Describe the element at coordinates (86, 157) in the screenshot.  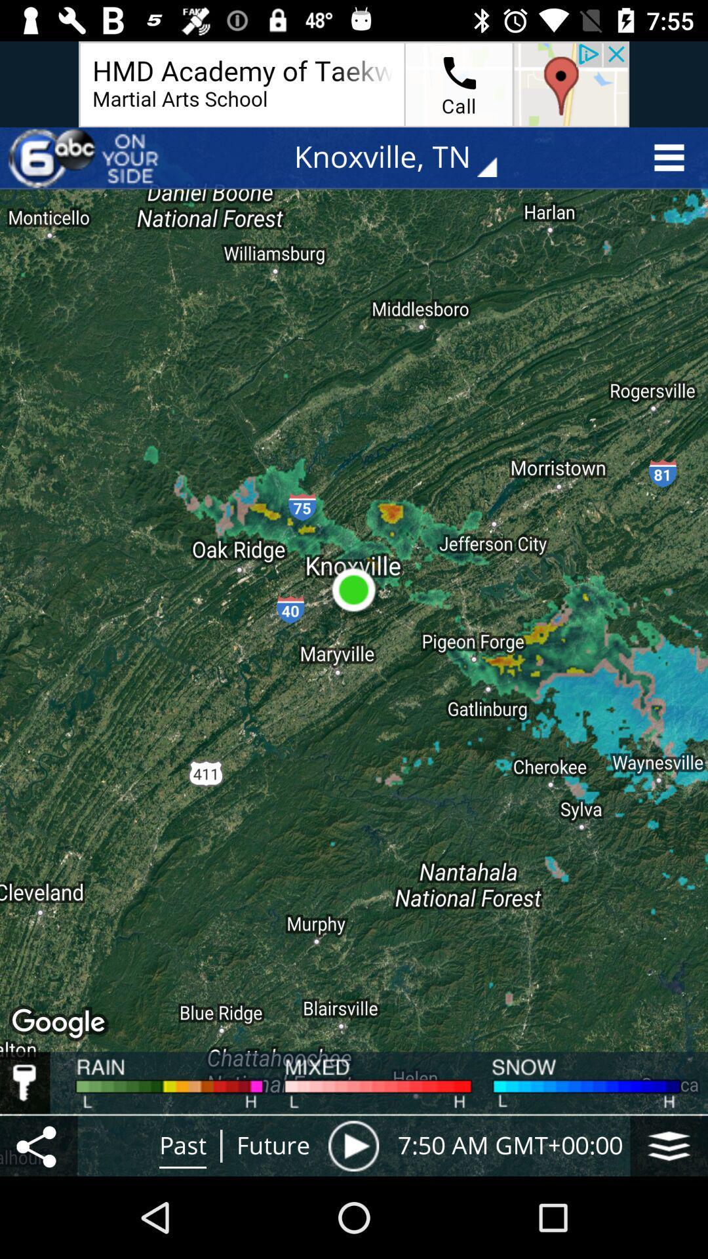
I see `the item to the left of the knoxville, tn` at that location.